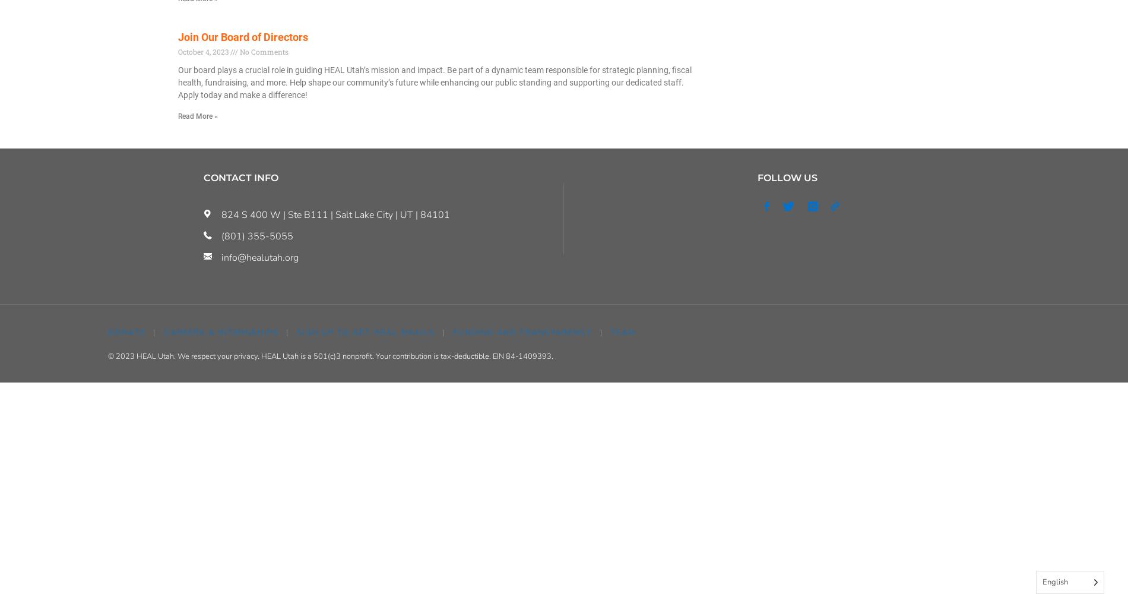  I want to click on 'No Comments', so click(262, 50).